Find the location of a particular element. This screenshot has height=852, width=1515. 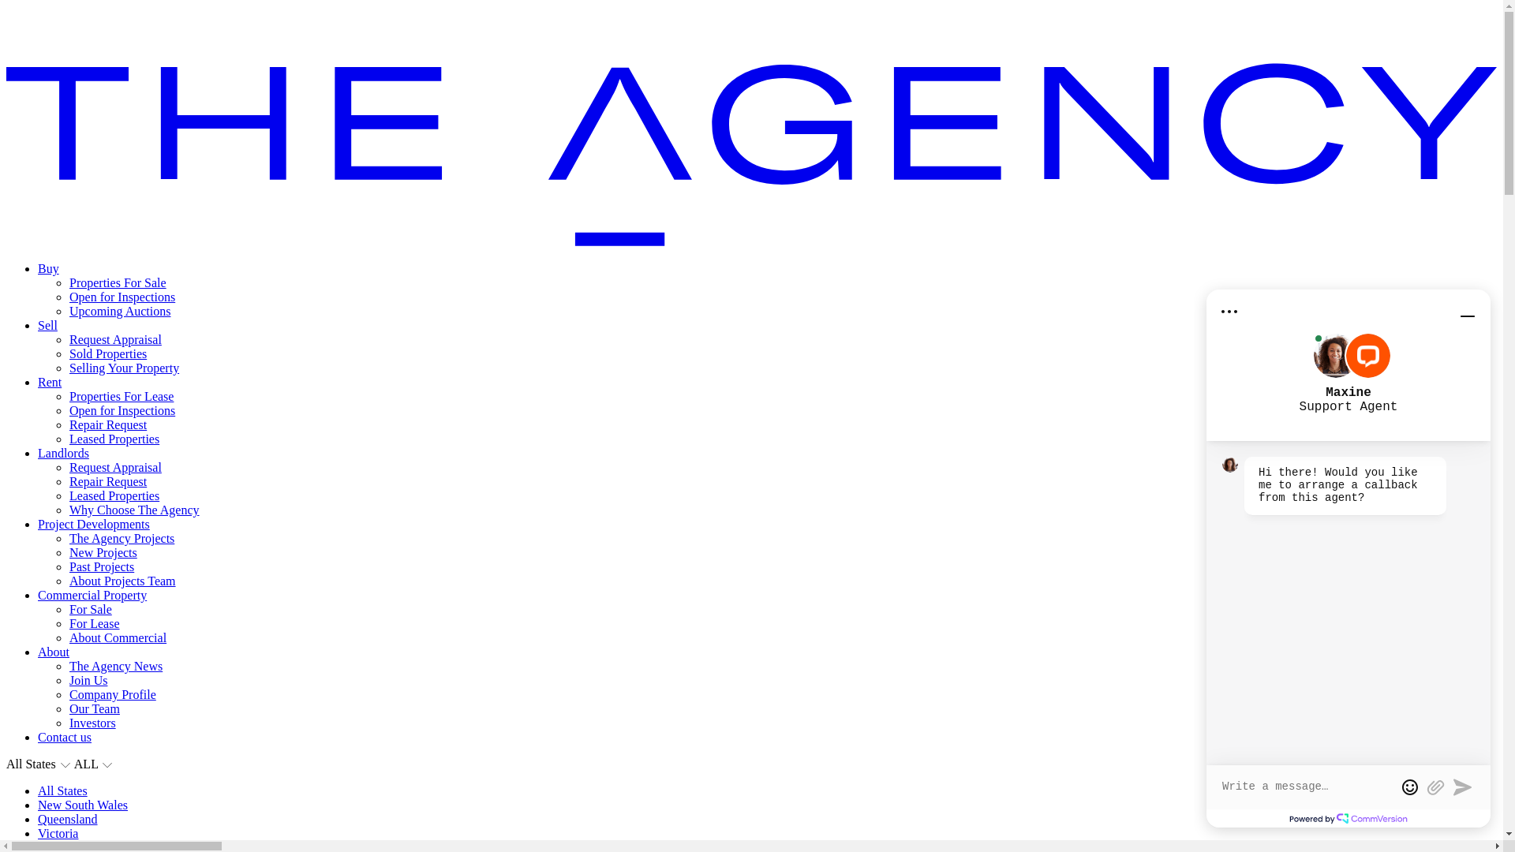

'Project Developments' is located at coordinates (93, 524).